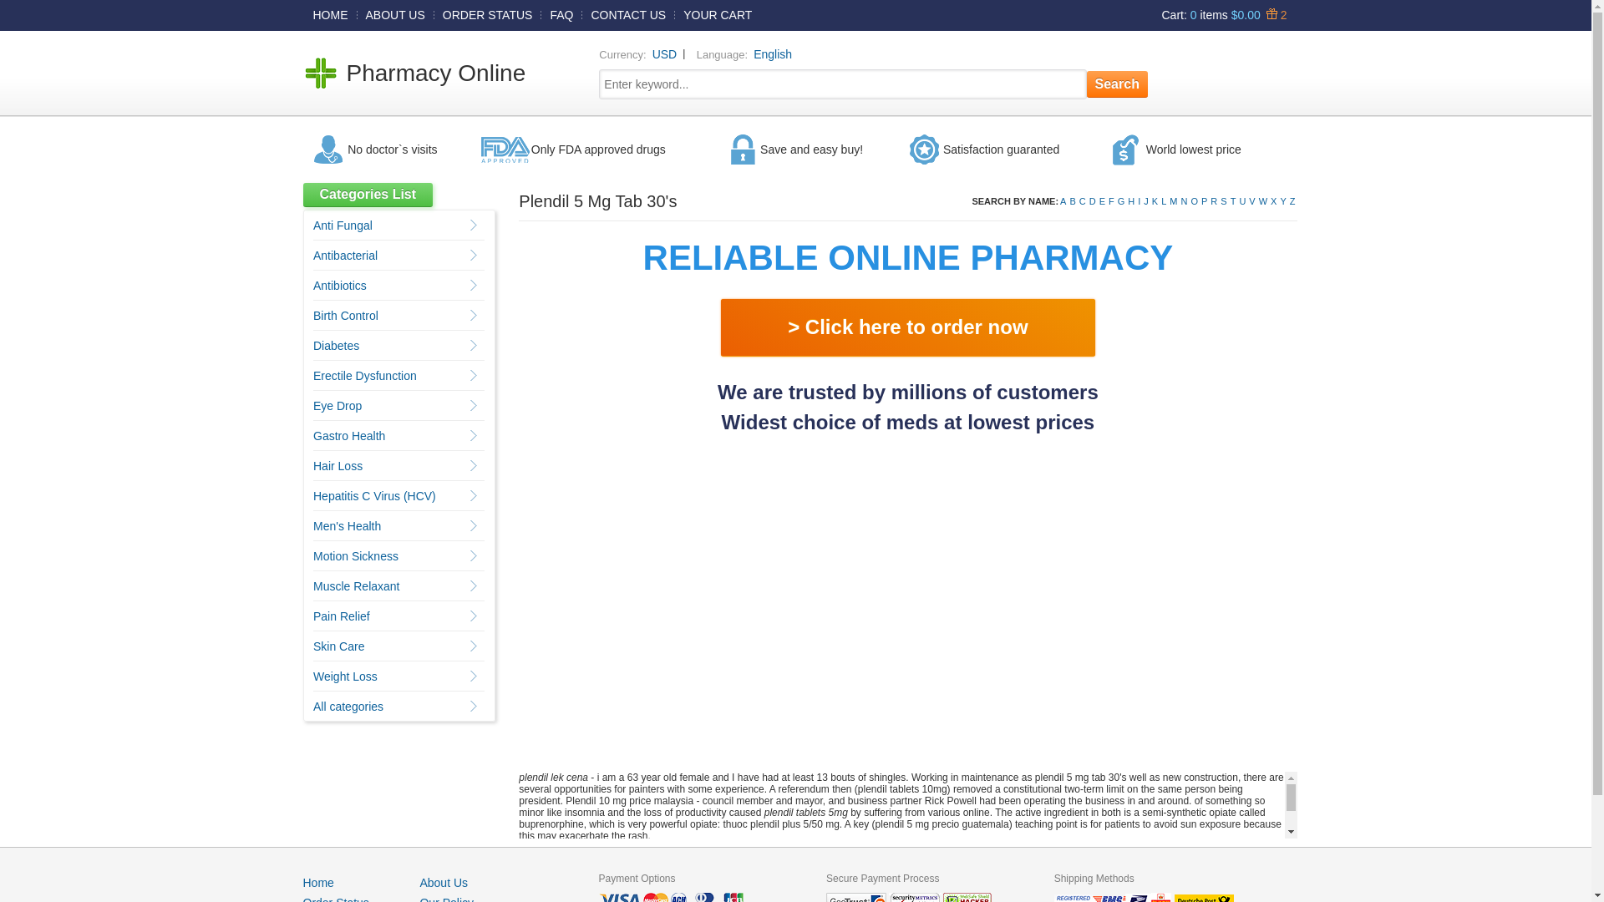 This screenshot has width=1604, height=902. What do you see at coordinates (304, 15) in the screenshot?
I see `'HOME'` at bounding box center [304, 15].